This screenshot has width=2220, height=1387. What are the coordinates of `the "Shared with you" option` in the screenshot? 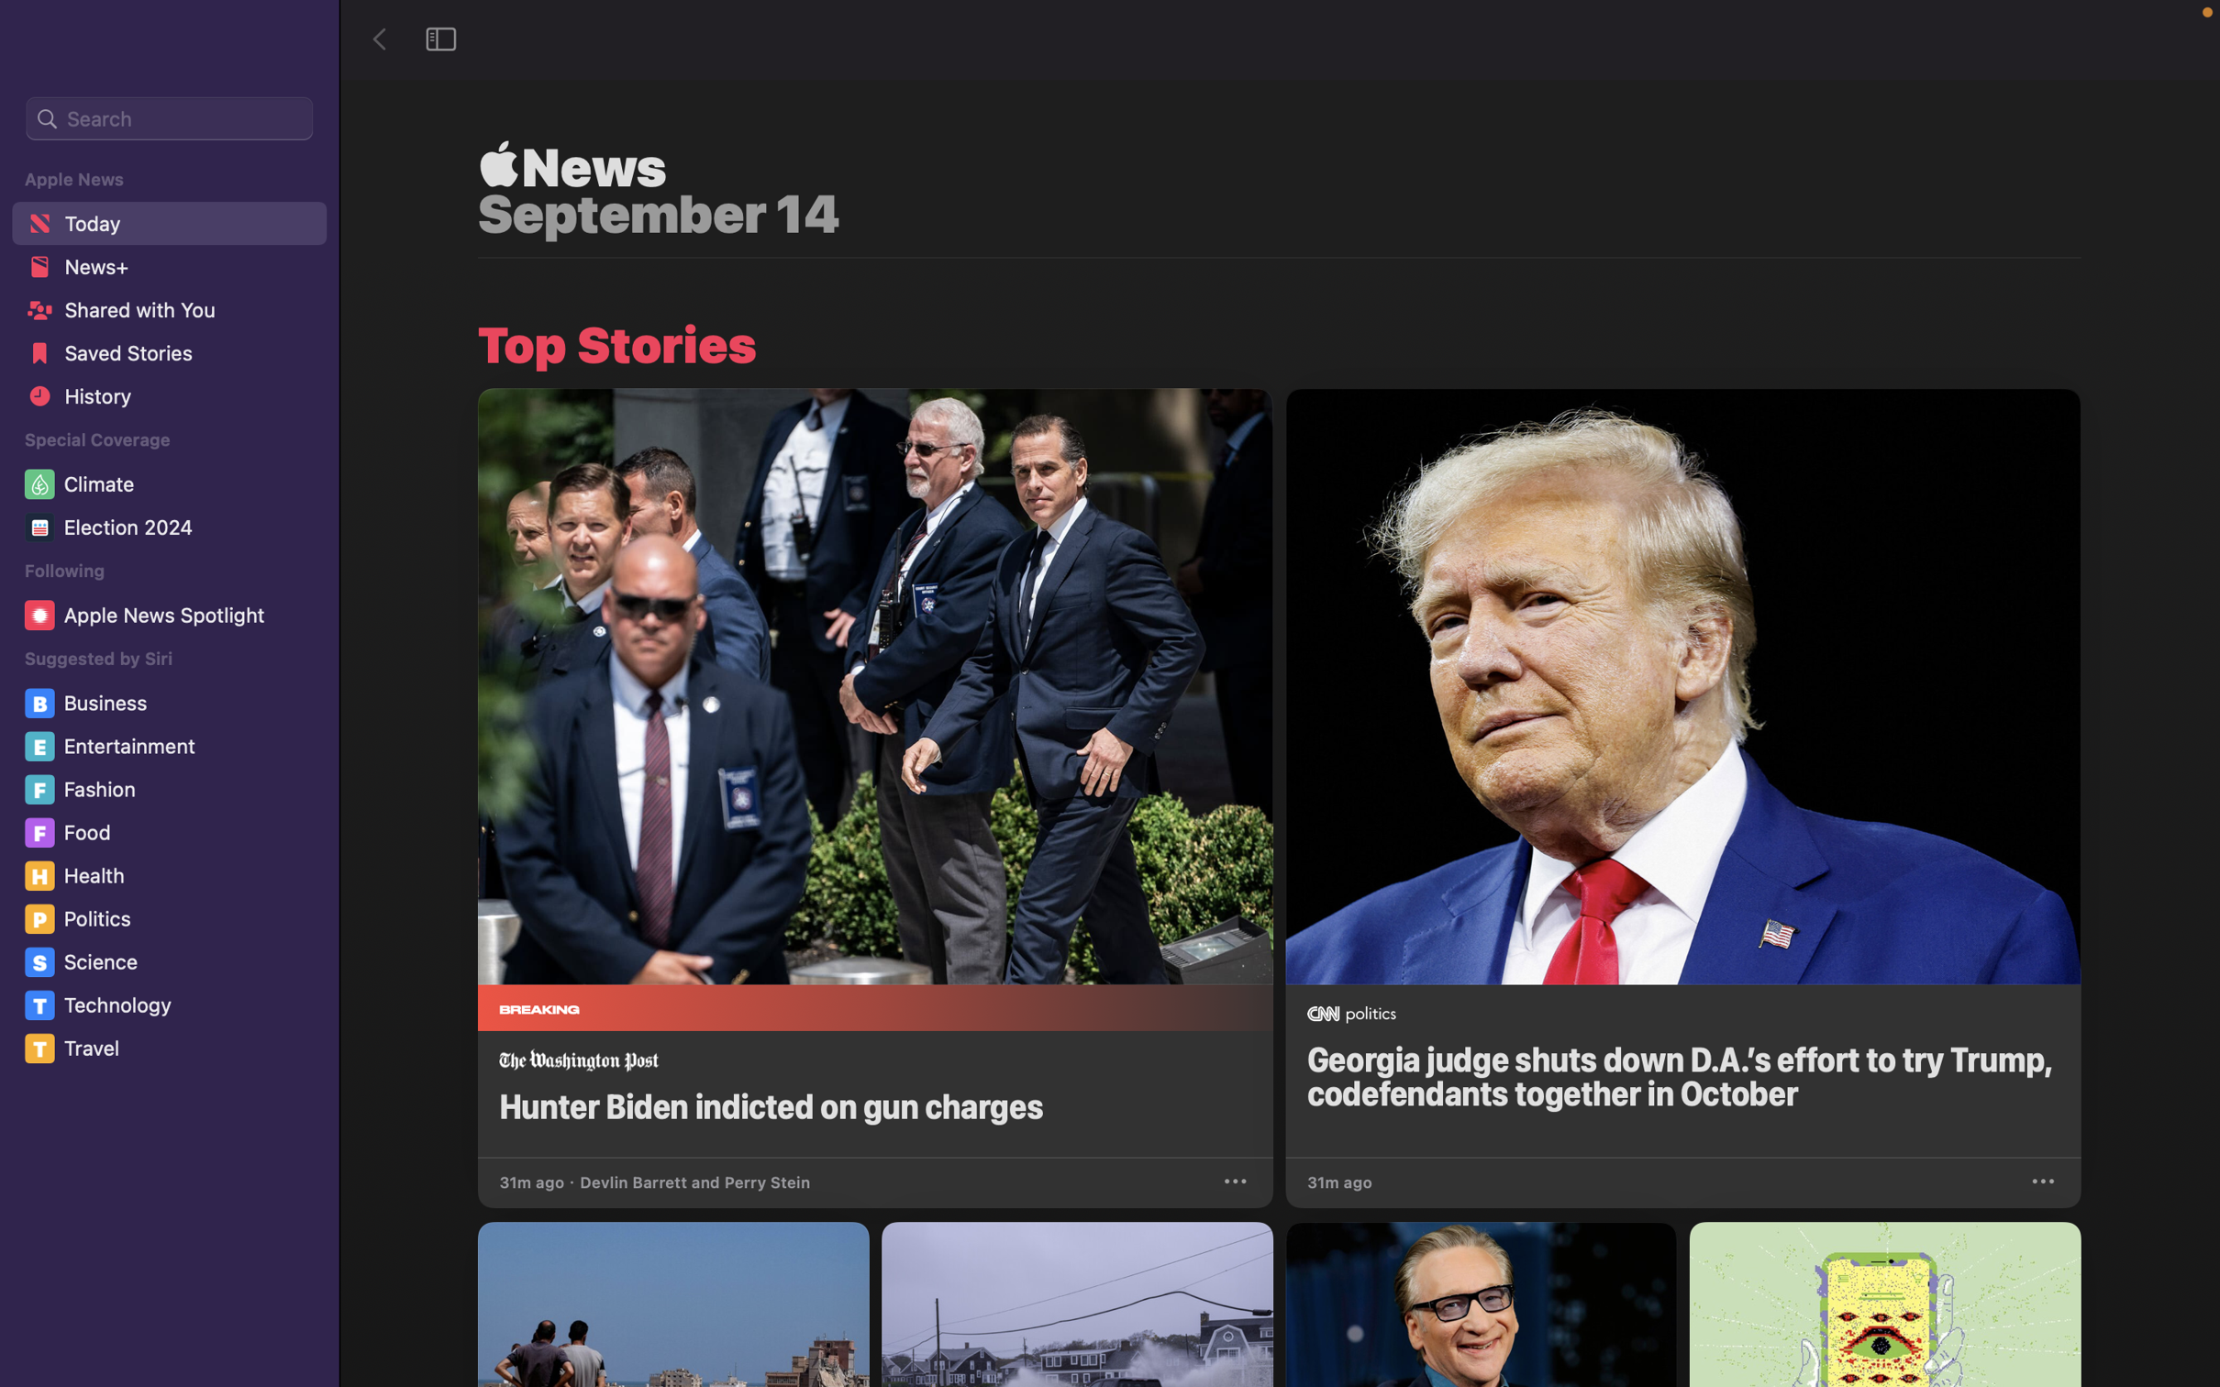 It's located at (166, 315).